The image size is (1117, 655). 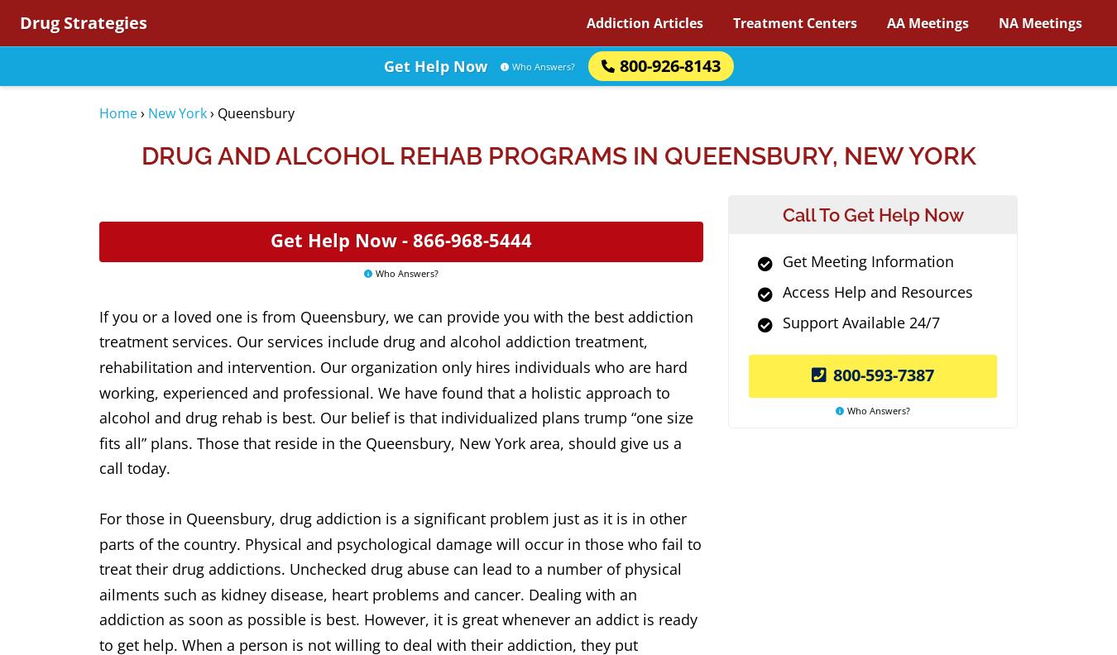 I want to click on 'Home', so click(x=117, y=112).